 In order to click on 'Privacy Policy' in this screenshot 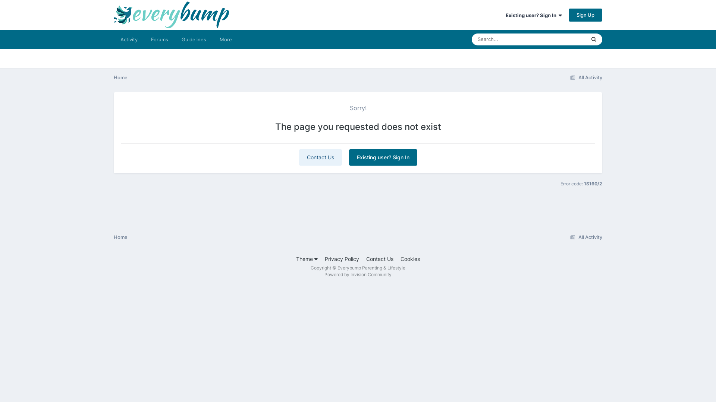, I will do `click(324, 258)`.